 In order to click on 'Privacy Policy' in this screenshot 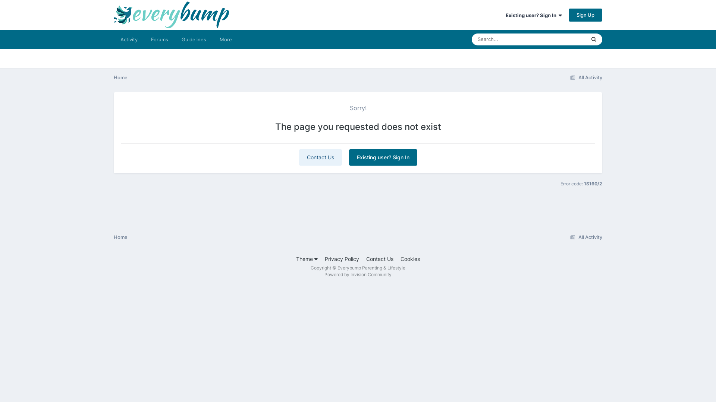, I will do `click(324, 258)`.